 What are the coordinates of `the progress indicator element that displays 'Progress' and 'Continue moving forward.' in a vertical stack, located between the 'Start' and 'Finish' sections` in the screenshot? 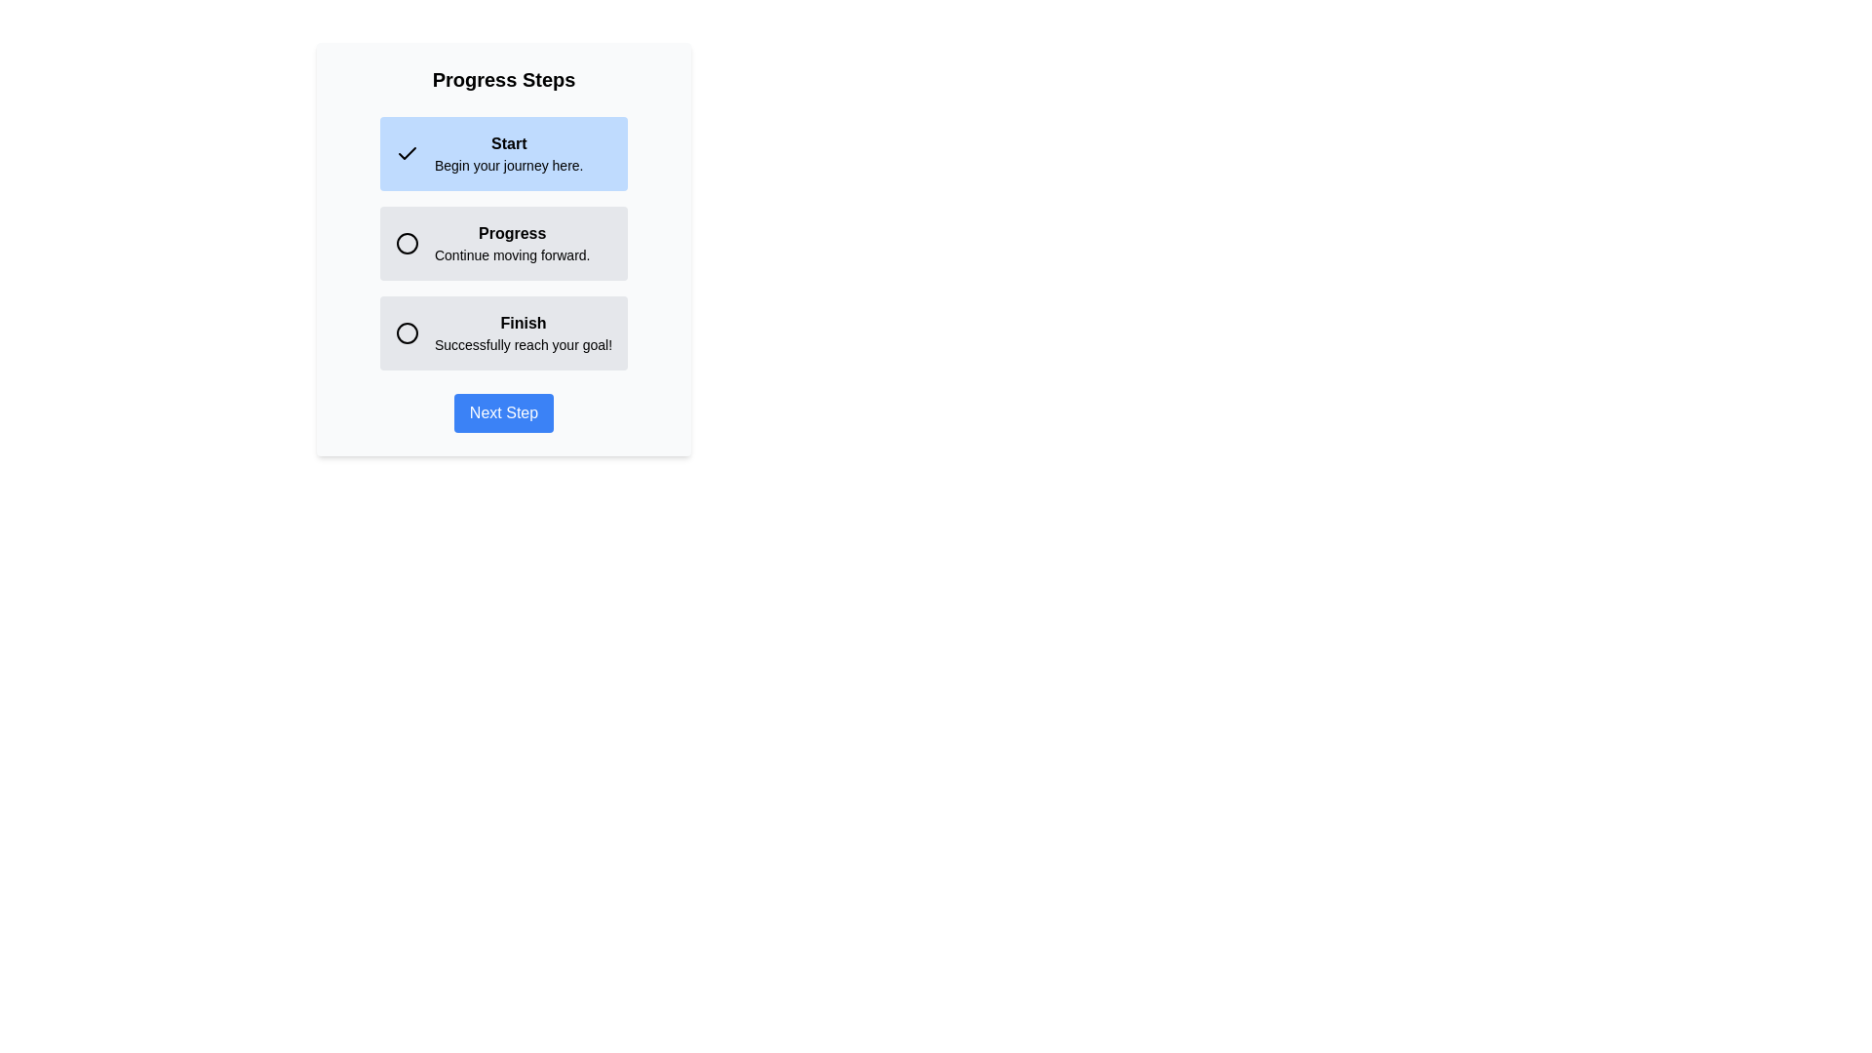 It's located at (504, 243).